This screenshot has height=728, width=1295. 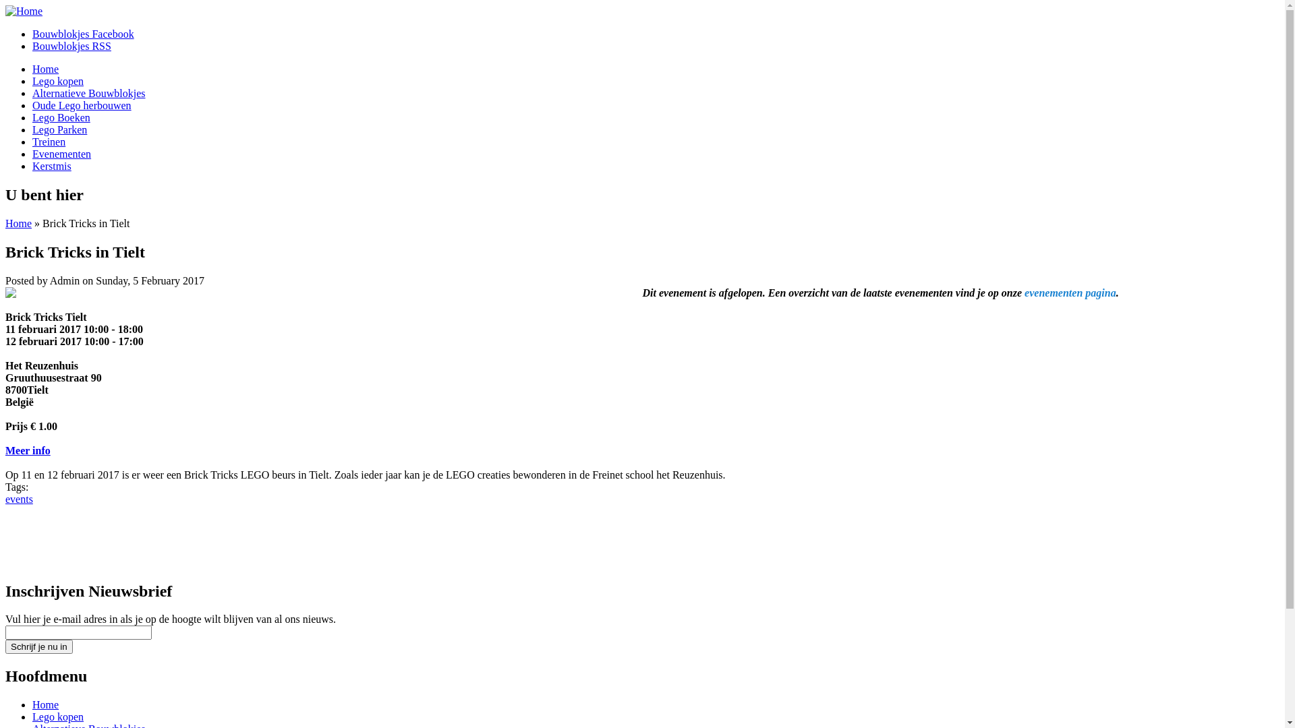 What do you see at coordinates (28, 450) in the screenshot?
I see `'Meer info'` at bounding box center [28, 450].